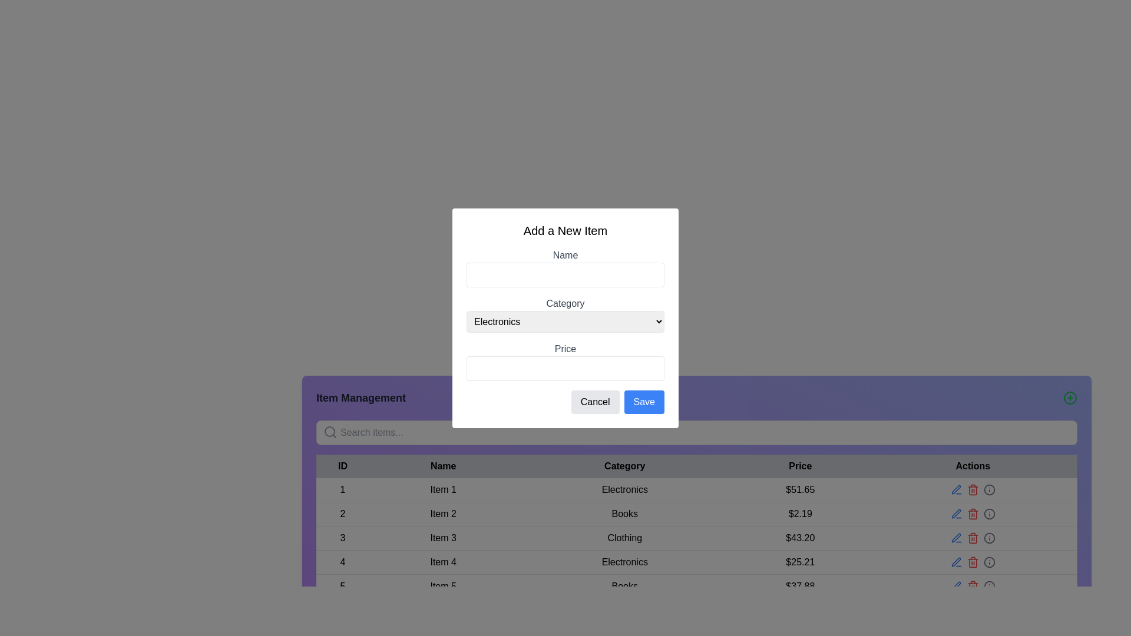 The width and height of the screenshot is (1131, 636). What do you see at coordinates (956, 561) in the screenshot?
I see `the blue pen tool icon located in the top-right corner of the toolbar` at bounding box center [956, 561].